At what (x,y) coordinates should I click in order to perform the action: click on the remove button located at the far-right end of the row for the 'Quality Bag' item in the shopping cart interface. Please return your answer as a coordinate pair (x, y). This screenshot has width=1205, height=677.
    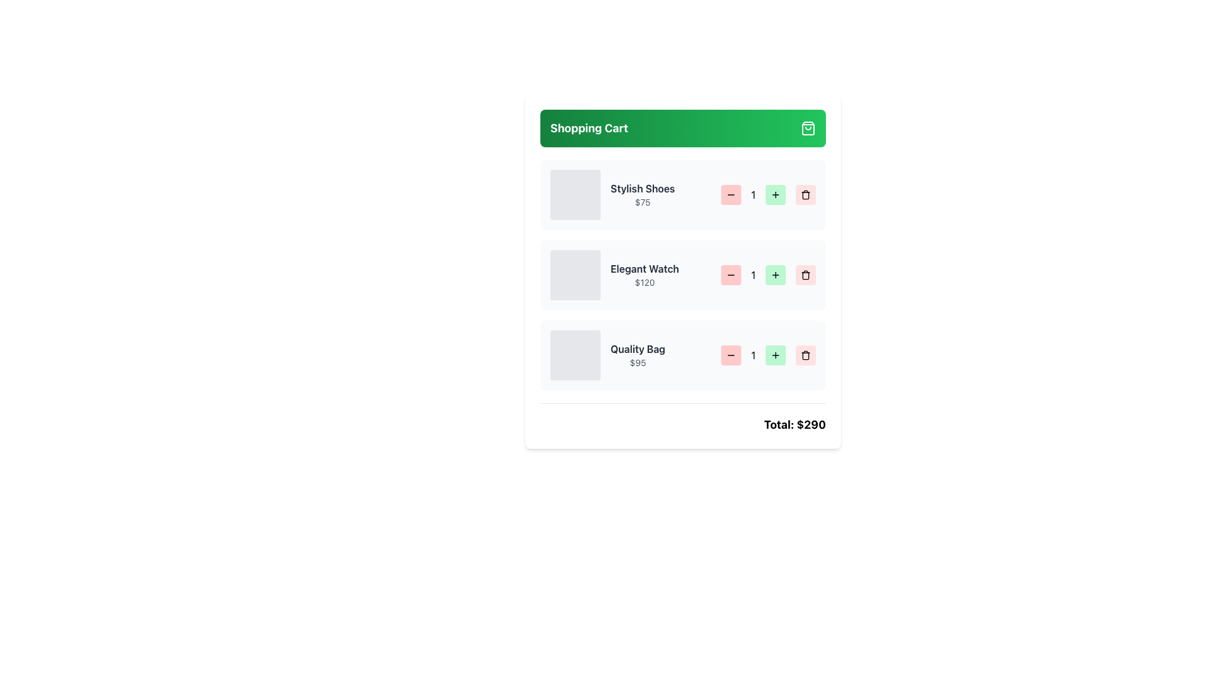
    Looking at the image, I should click on (805, 355).